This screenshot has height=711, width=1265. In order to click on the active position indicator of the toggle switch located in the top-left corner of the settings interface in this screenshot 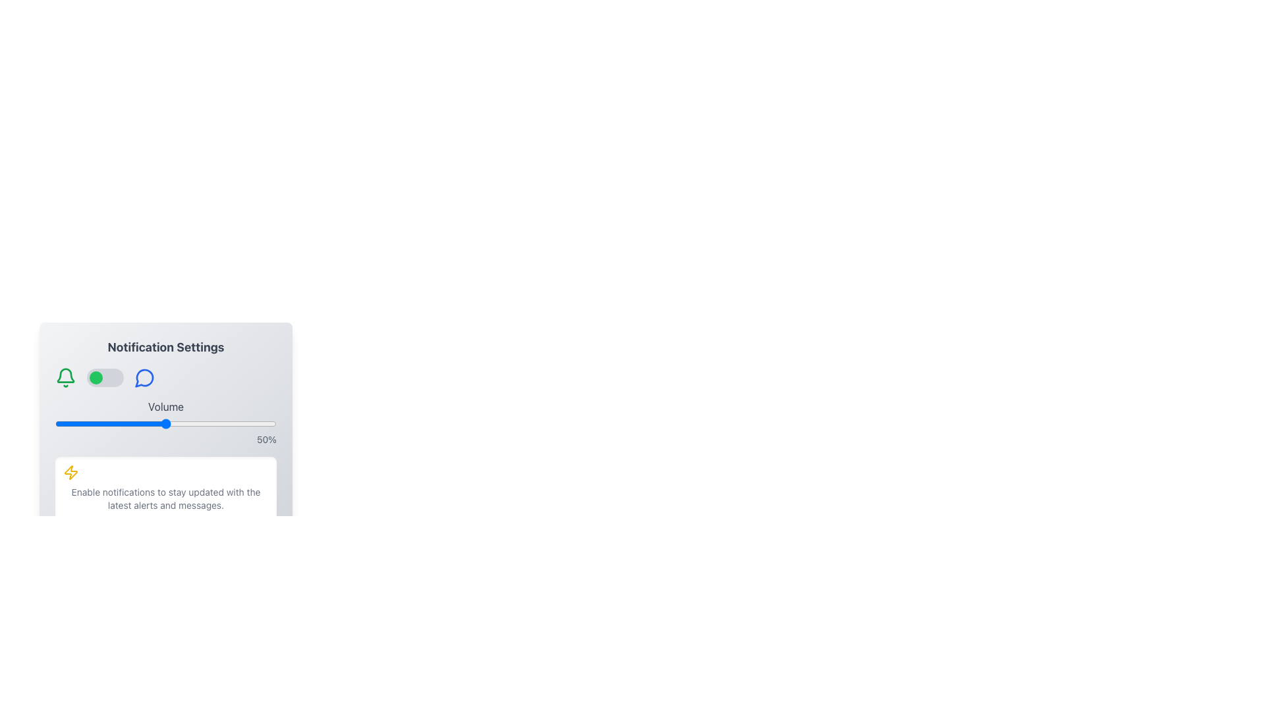, I will do `click(95, 378)`.